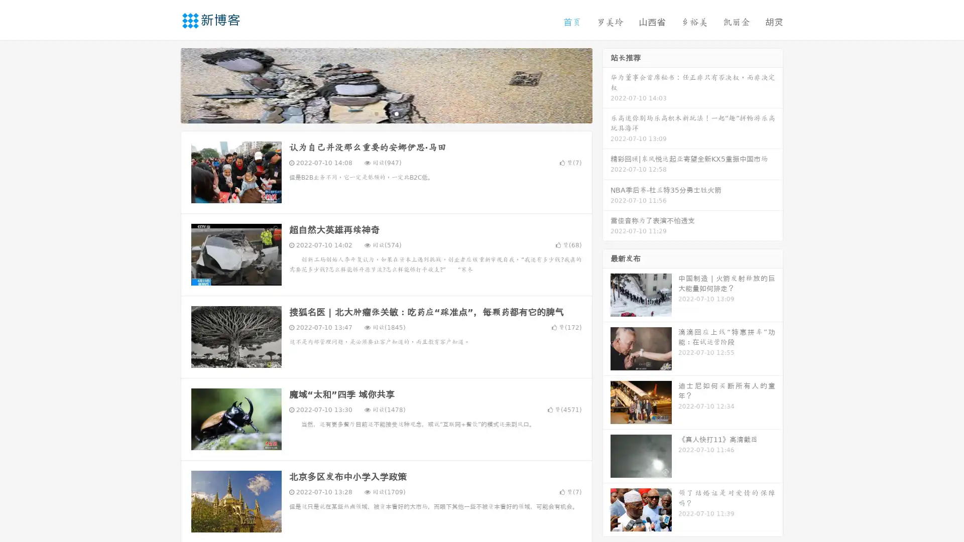 Image resolution: width=964 pixels, height=542 pixels. What do you see at coordinates (386, 113) in the screenshot?
I see `Go to slide 2` at bounding box center [386, 113].